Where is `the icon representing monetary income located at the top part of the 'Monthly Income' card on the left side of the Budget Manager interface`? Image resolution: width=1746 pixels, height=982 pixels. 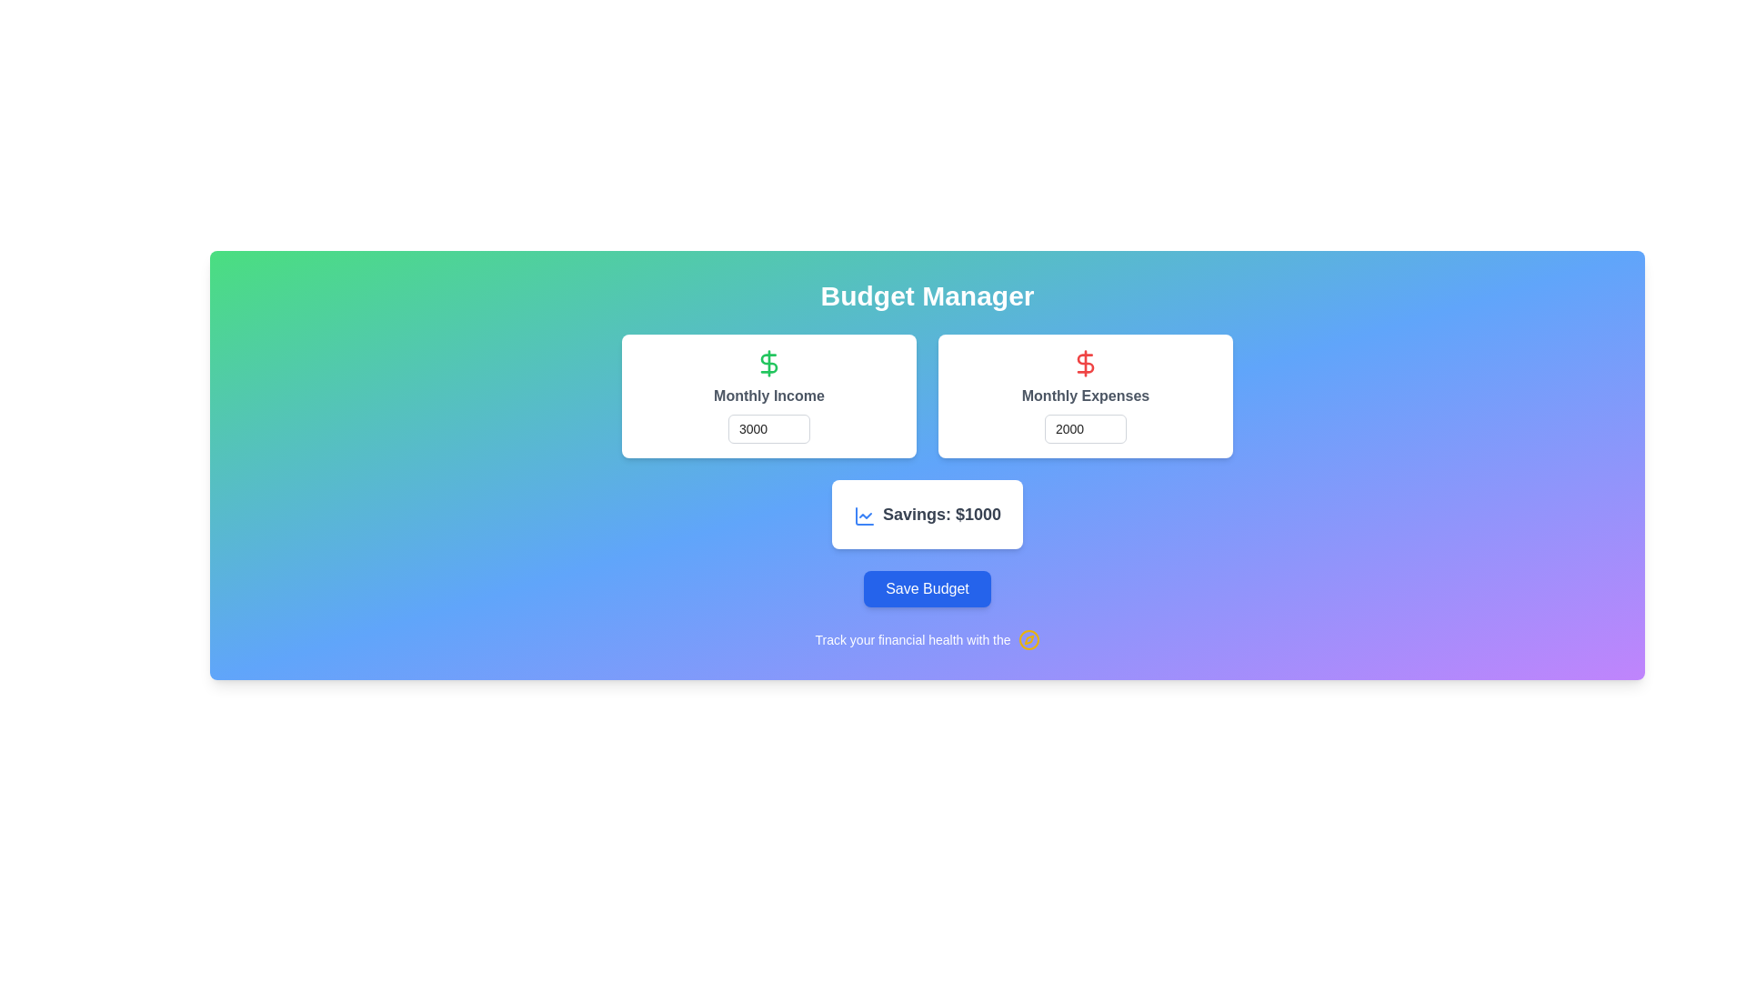
the icon representing monetary income located at the top part of the 'Monthly Income' card on the left side of the Budget Manager interface is located at coordinates (768, 364).